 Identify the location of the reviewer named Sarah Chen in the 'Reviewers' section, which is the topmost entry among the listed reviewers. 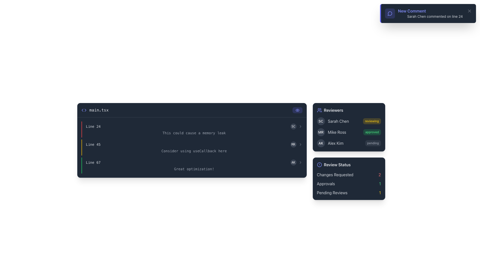
(333, 121).